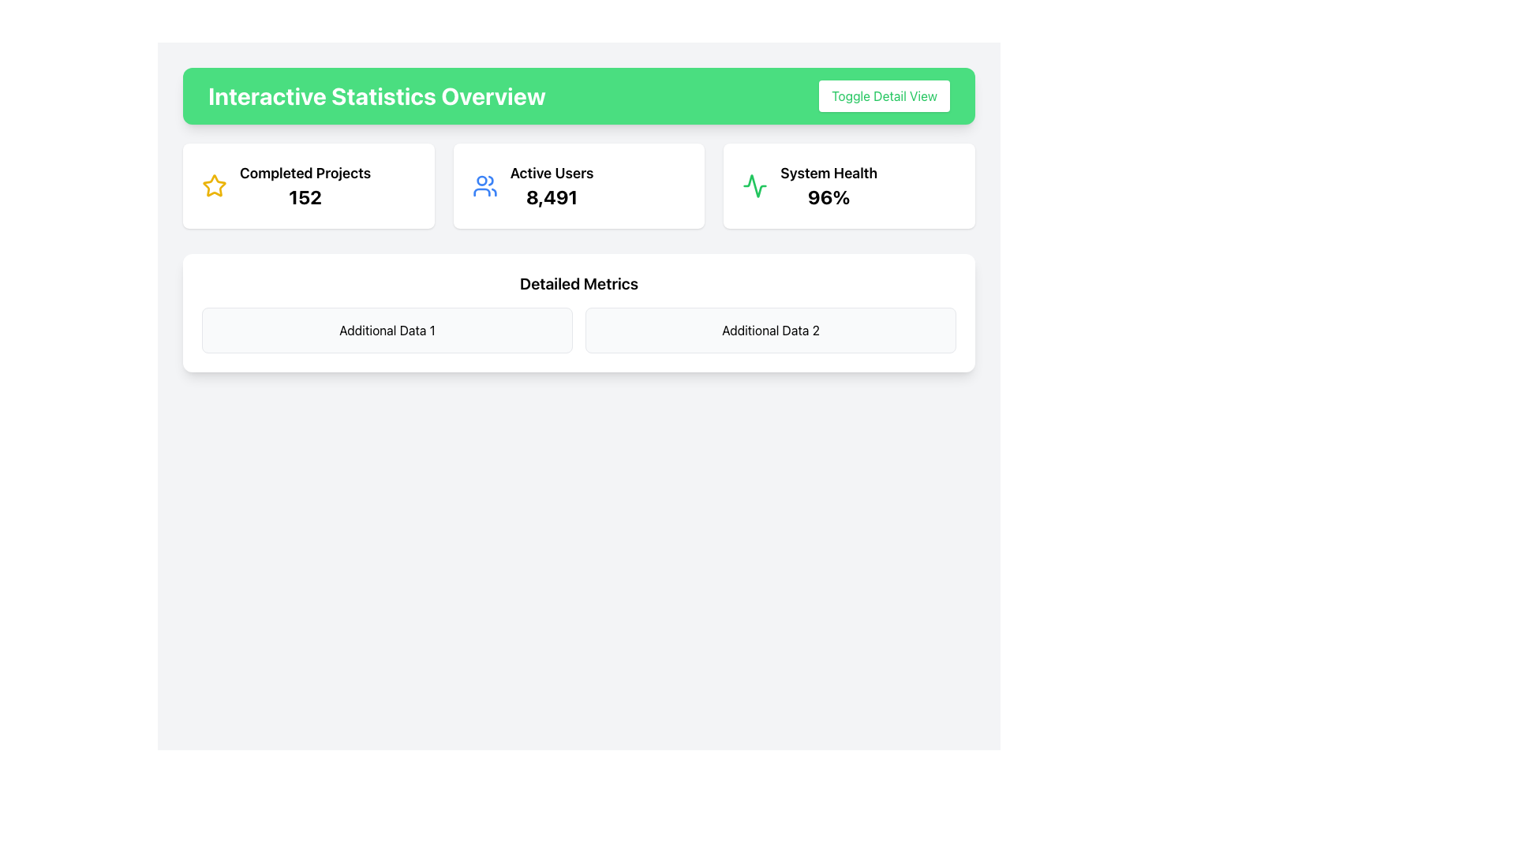 Image resolution: width=1515 pixels, height=852 pixels. I want to click on the toggle button located in the top-right corner of the green header bar next to 'Interactive Statistics Overview', so click(885, 96).